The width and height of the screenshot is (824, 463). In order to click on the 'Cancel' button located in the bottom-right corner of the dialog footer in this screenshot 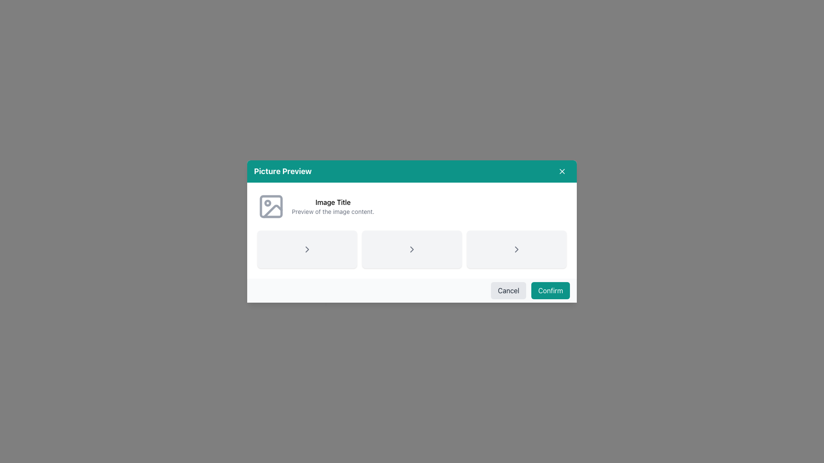, I will do `click(509, 290)`.